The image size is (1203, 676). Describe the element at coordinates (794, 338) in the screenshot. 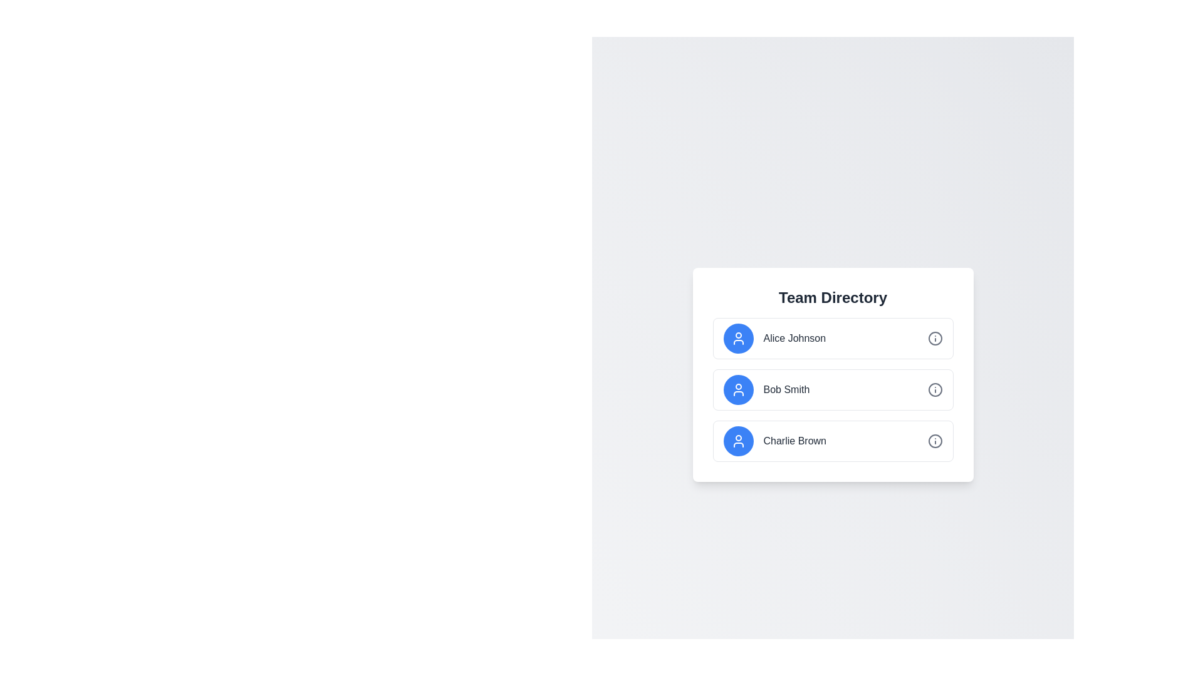

I see `the text label displaying 'Alice Johnson' located in the first item of the vertical list under the 'Team Directory' header` at that location.